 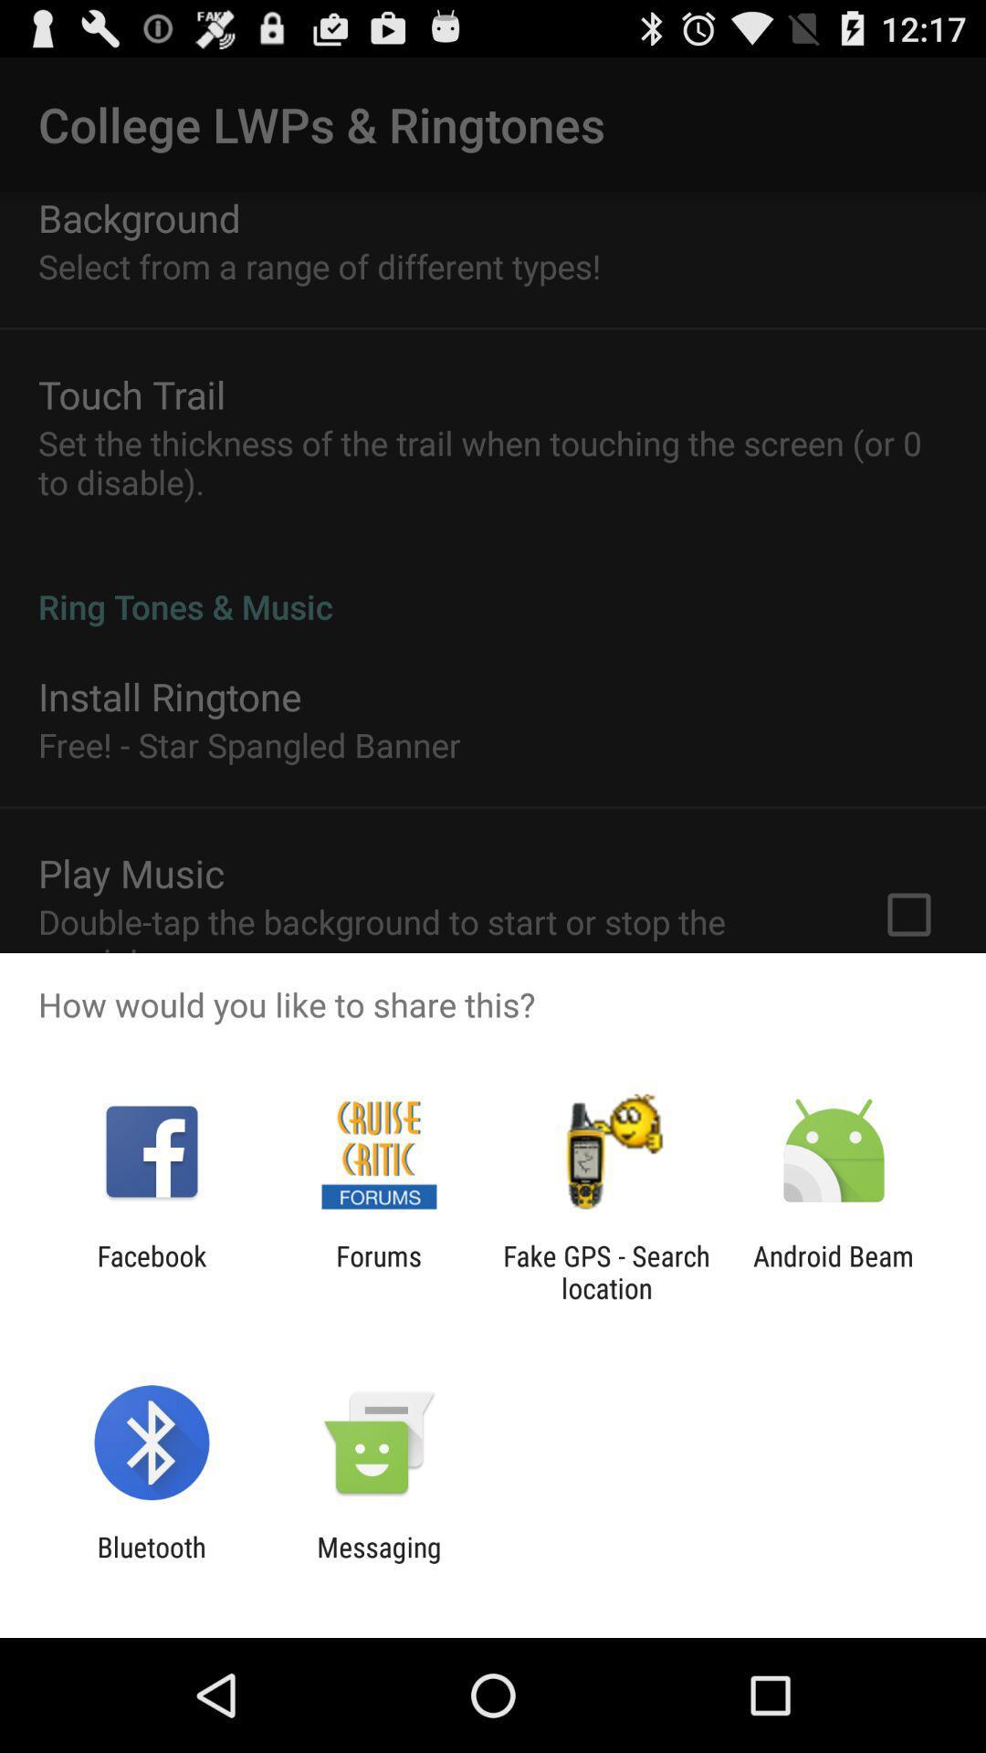 What do you see at coordinates (378, 1271) in the screenshot?
I see `forums item` at bounding box center [378, 1271].